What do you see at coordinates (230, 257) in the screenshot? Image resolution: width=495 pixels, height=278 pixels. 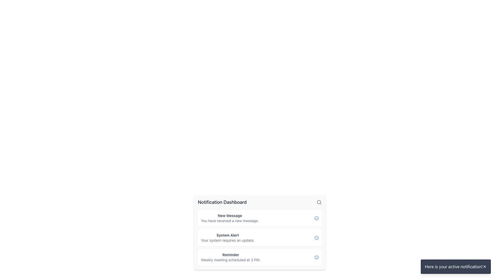 I see `text content of the notification titled 'Reminder' with the message 'Weekly meeting scheduled at 3 PM.' in the third card of the Notification Dashboard` at bounding box center [230, 257].